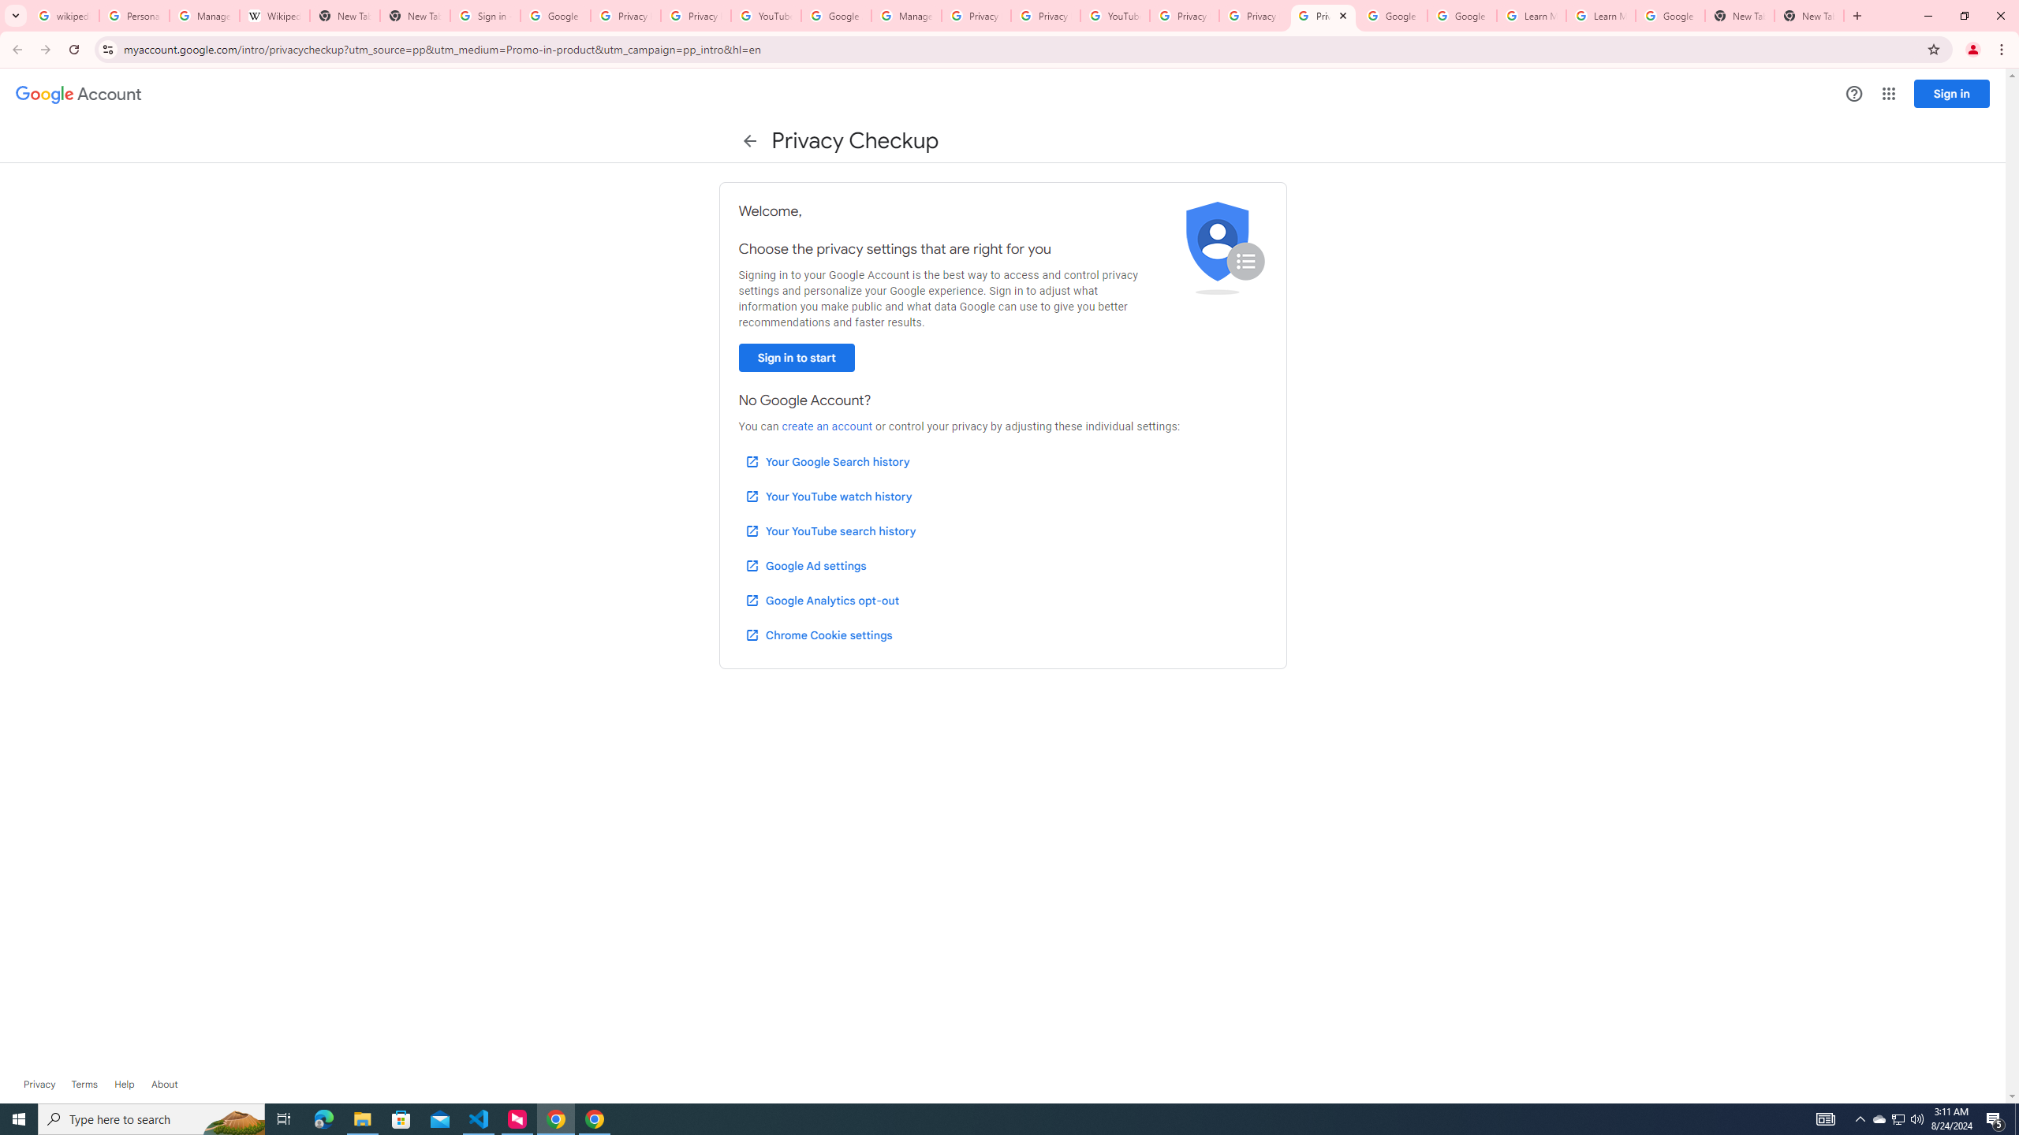 The image size is (2019, 1135). Describe the element at coordinates (555, 15) in the screenshot. I see `'Google Drive: Sign-in'` at that location.